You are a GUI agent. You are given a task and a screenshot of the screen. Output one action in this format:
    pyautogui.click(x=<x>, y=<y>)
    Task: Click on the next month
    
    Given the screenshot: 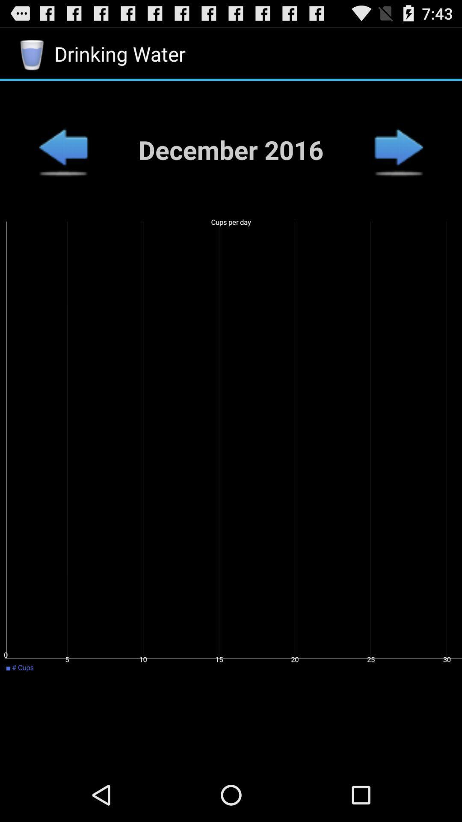 What is the action you would take?
    pyautogui.click(x=398, y=149)
    